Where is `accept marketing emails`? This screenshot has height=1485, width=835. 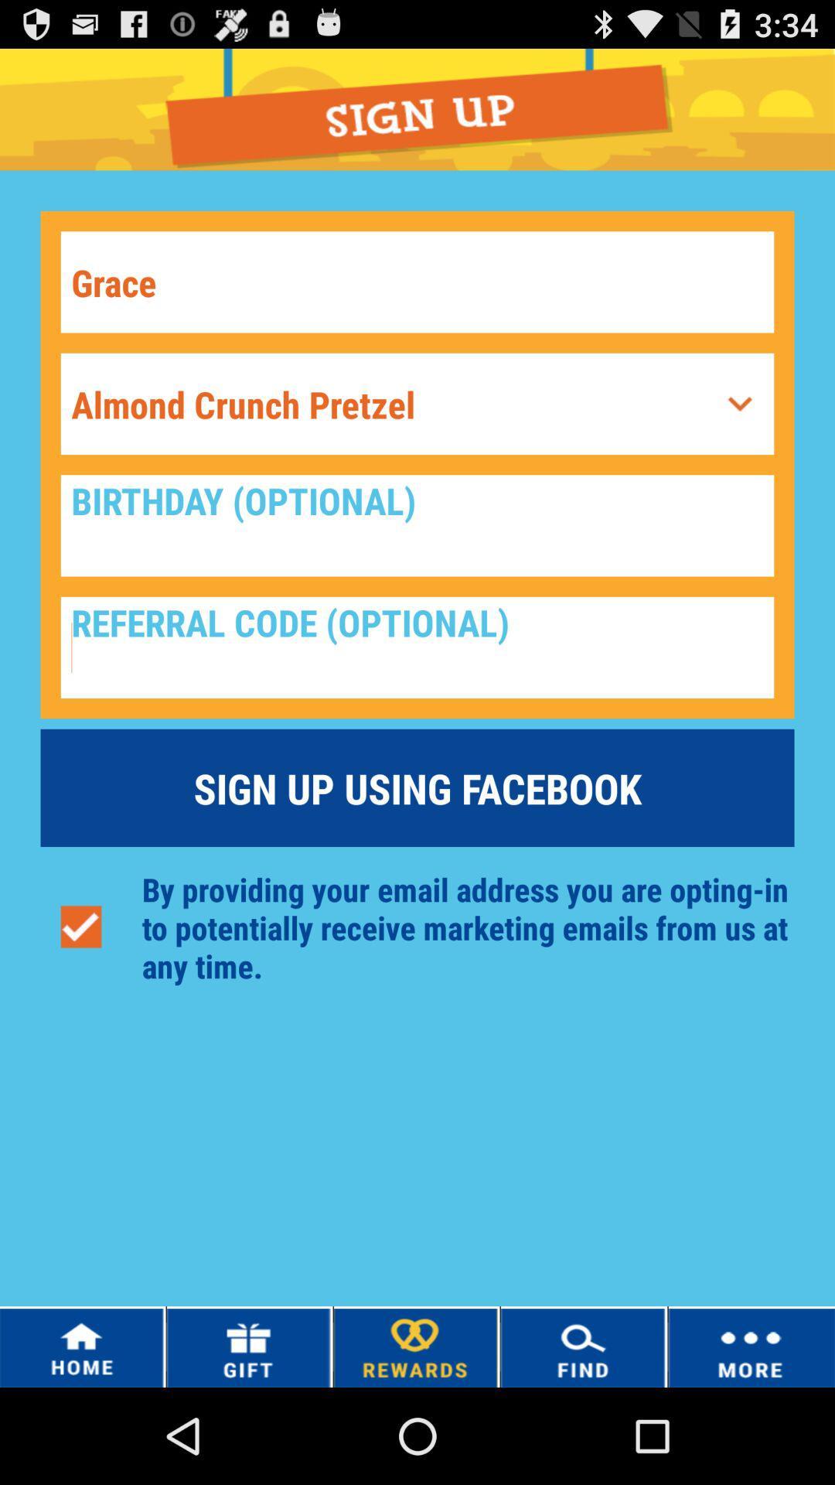
accept marketing emails is located at coordinates (80, 927).